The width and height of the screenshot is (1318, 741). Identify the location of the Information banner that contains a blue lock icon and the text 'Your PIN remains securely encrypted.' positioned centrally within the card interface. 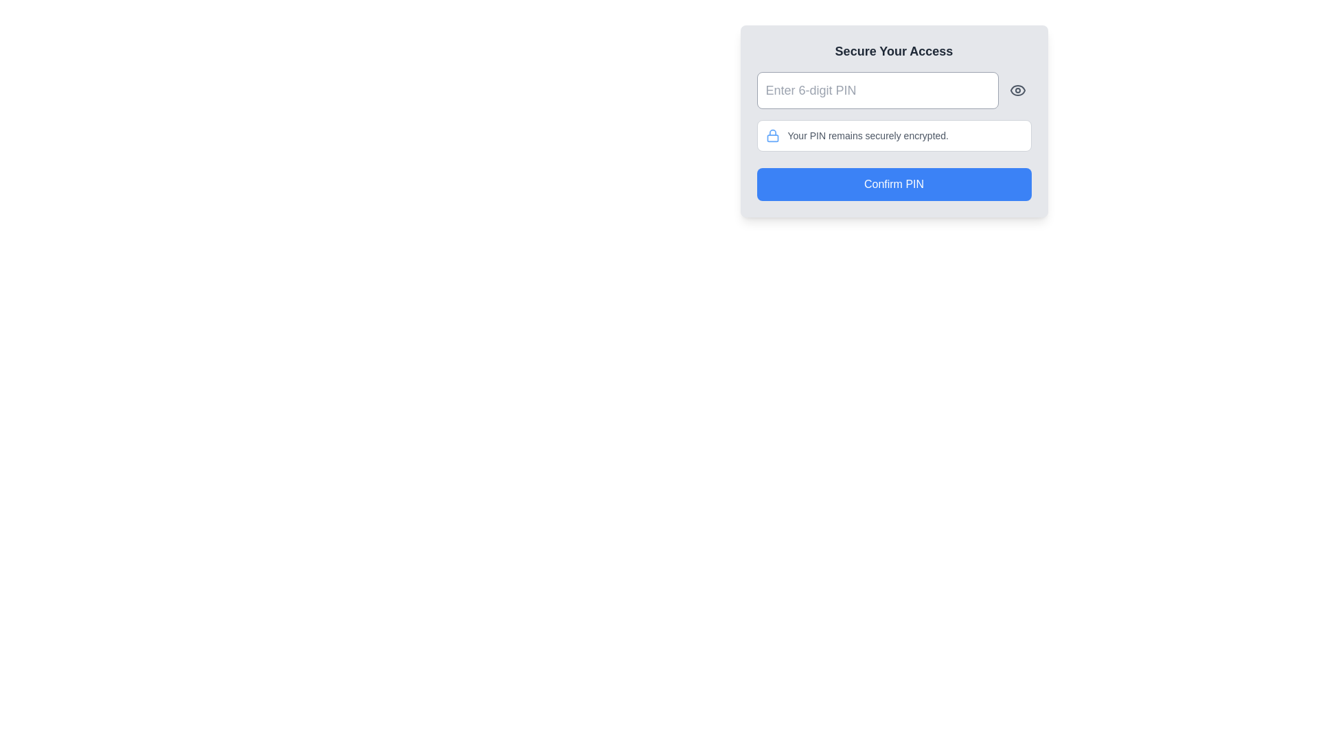
(894, 135).